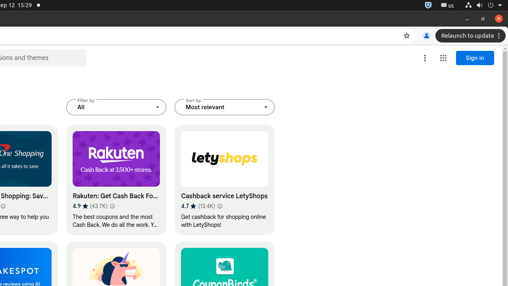  What do you see at coordinates (116, 107) in the screenshot?
I see `'Filter by ​All'` at bounding box center [116, 107].